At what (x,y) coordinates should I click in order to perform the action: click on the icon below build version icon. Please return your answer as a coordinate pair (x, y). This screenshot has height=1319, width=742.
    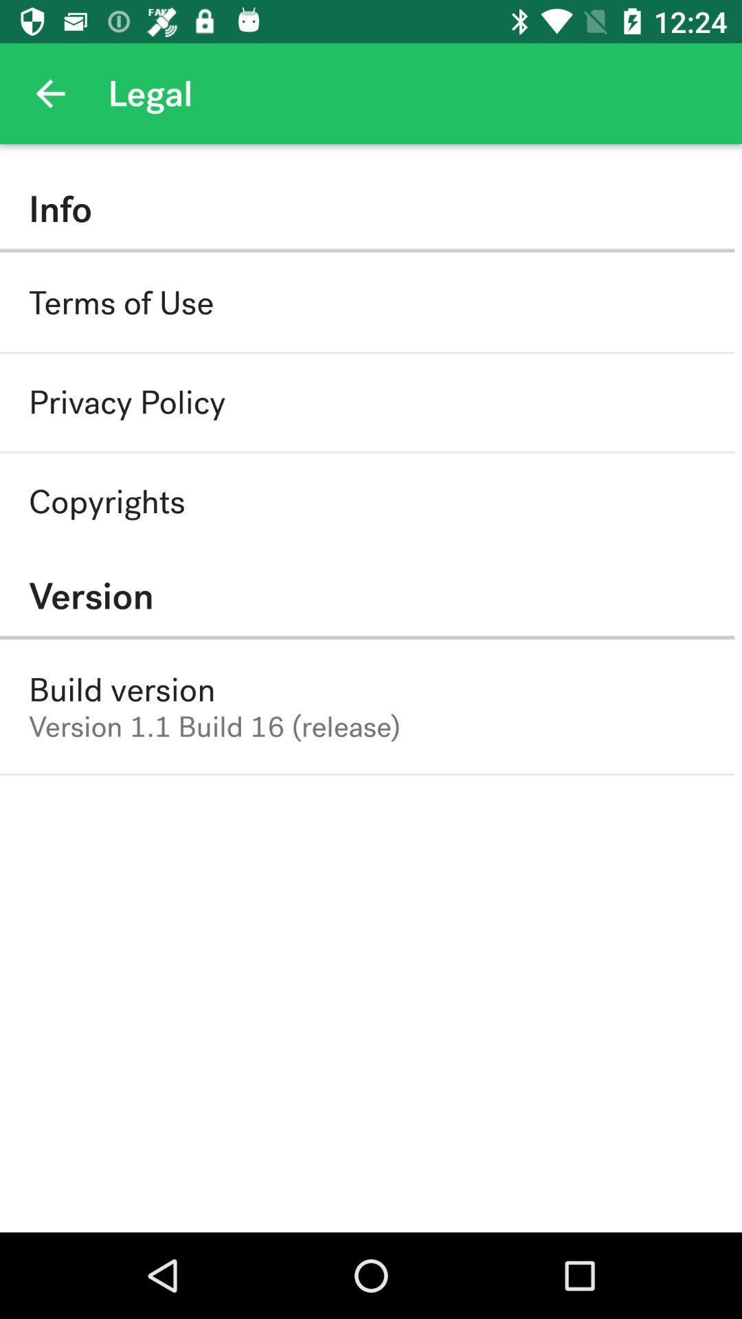
    Looking at the image, I should click on (214, 726).